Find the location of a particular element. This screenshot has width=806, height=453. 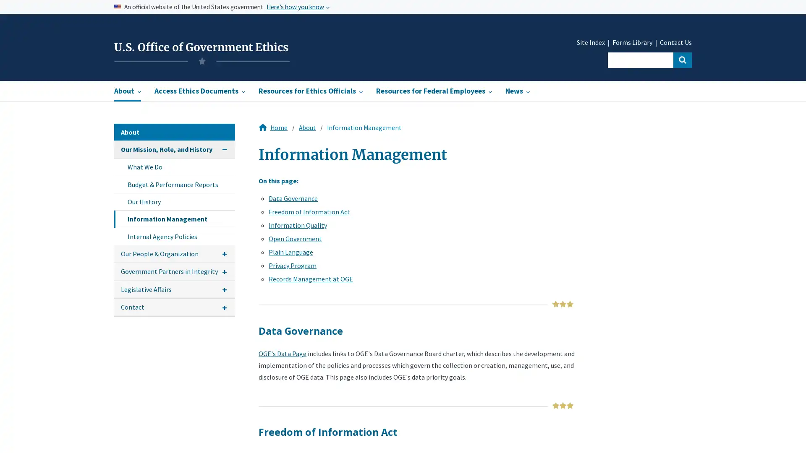

Legislative Affairs is located at coordinates (174, 289).